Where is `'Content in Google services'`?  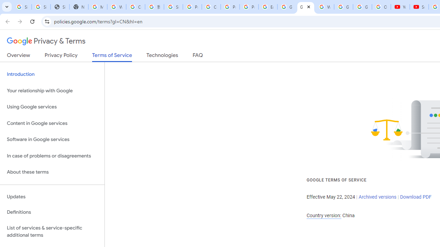
'Content in Google services' is located at coordinates (52, 123).